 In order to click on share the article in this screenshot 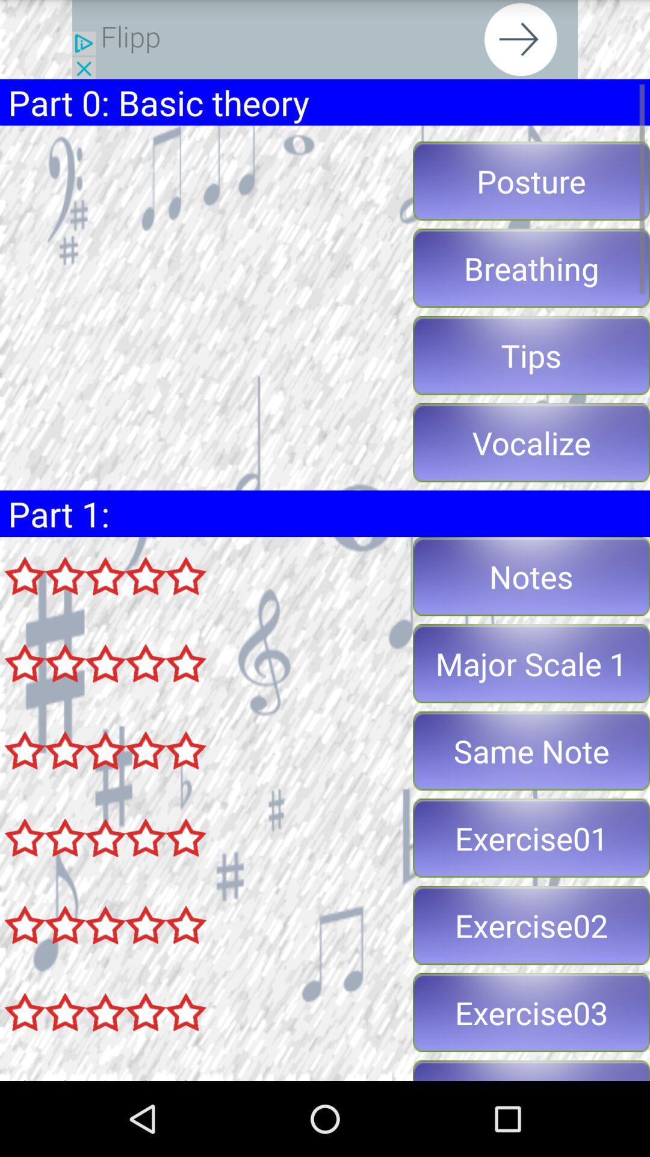, I will do `click(325, 39)`.